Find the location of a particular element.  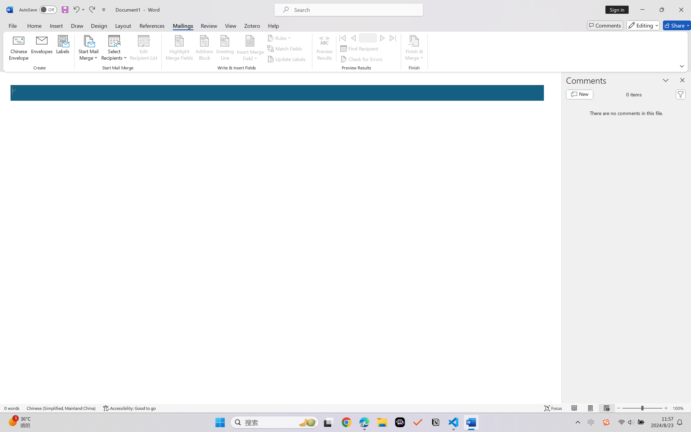

'New comment' is located at coordinates (579, 95).